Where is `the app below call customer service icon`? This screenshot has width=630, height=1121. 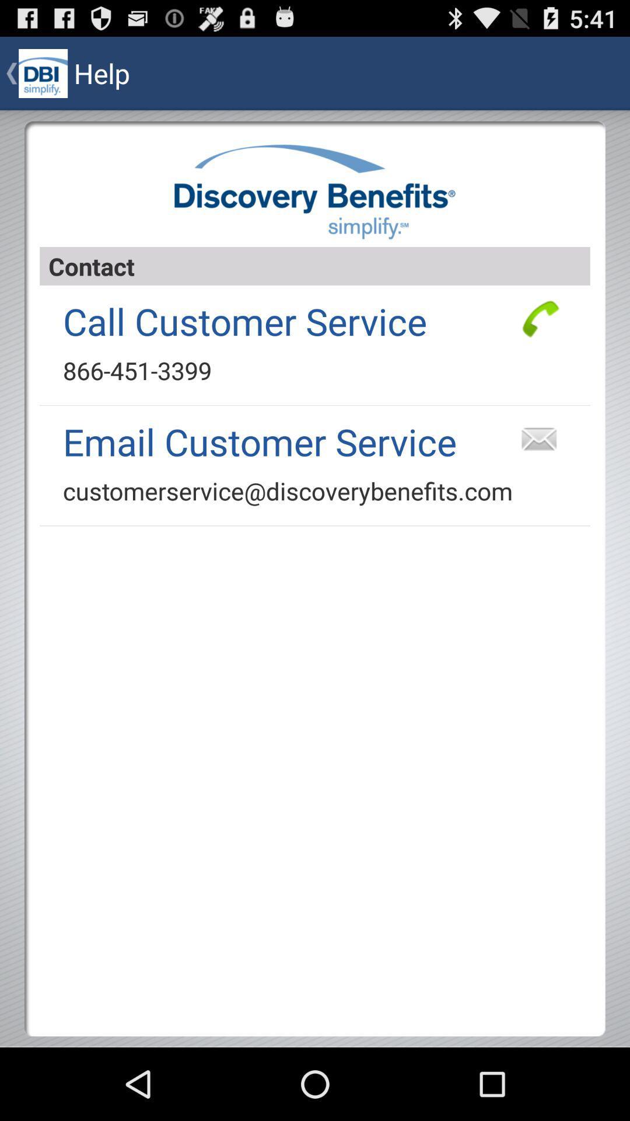
the app below call customer service icon is located at coordinates (136, 370).